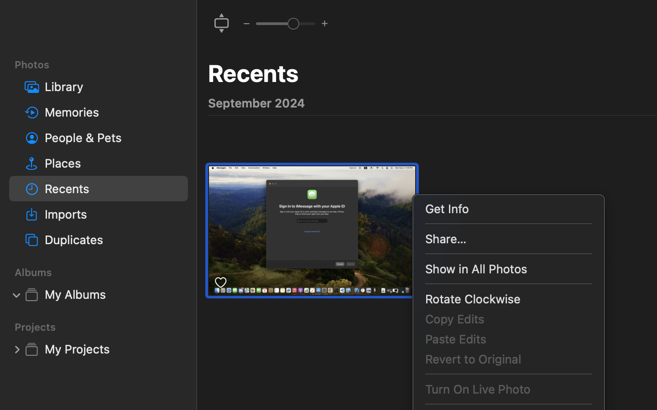  I want to click on 'Places', so click(112, 163).